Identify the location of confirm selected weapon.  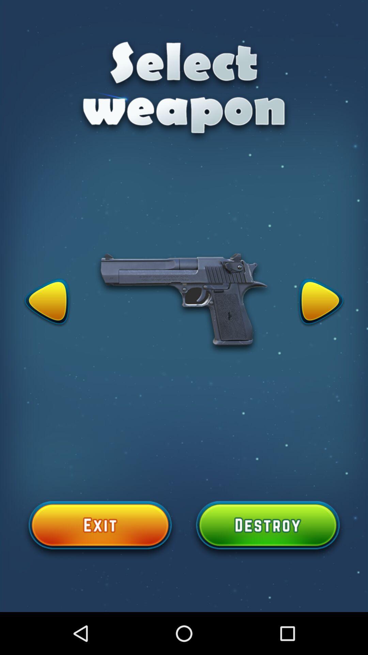
(267, 529).